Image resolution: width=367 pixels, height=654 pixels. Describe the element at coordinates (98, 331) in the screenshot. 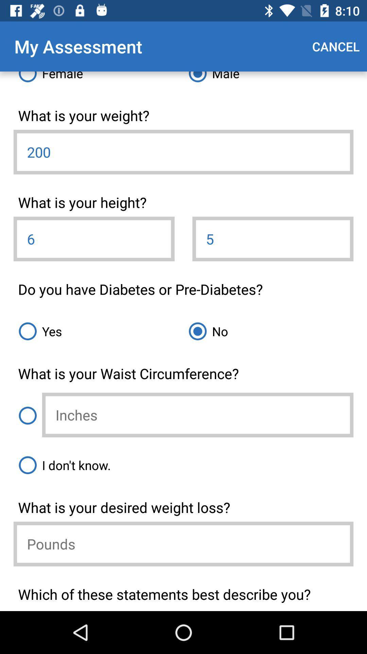

I see `the item above what is your item` at that location.